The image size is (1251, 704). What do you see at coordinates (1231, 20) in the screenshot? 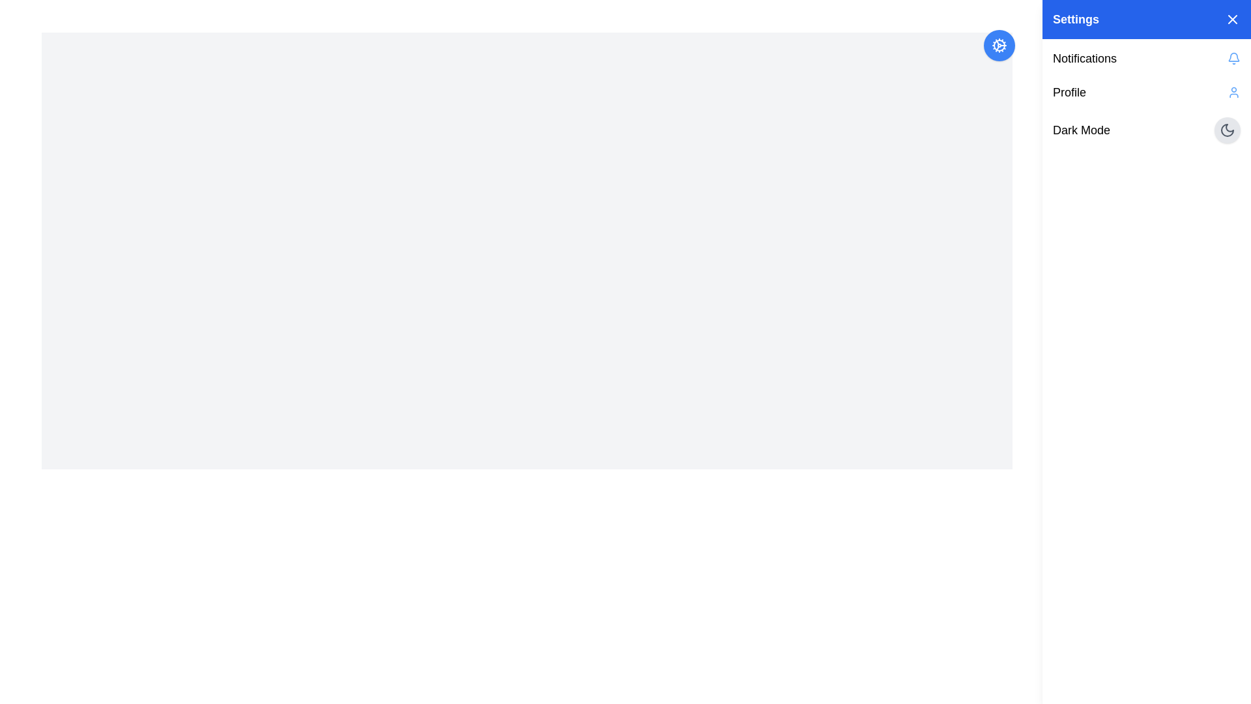
I see `the close button (icon-based) located at the top-right corner of the sidebar panel` at bounding box center [1231, 20].